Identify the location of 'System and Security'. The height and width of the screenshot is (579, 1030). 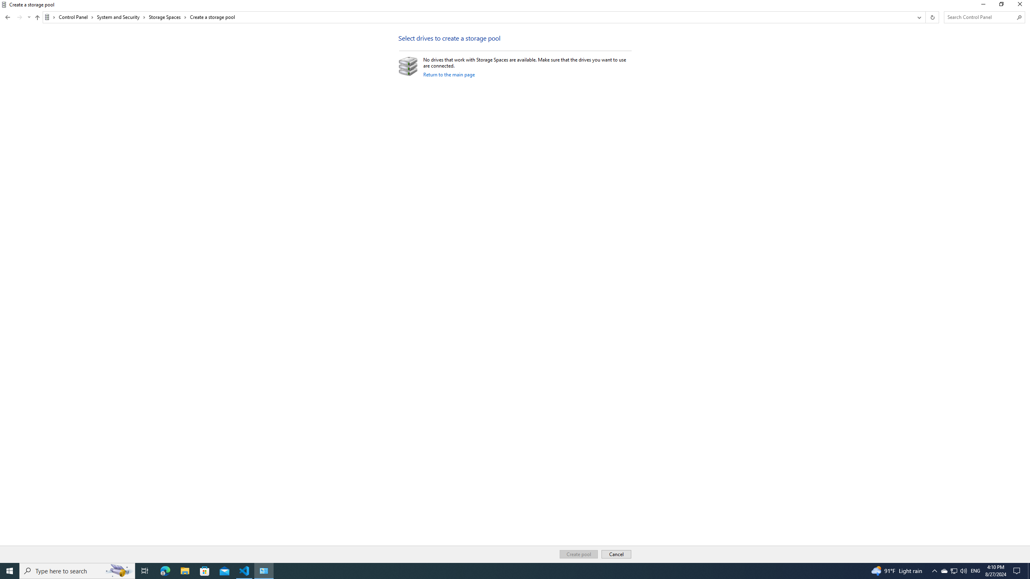
(121, 17).